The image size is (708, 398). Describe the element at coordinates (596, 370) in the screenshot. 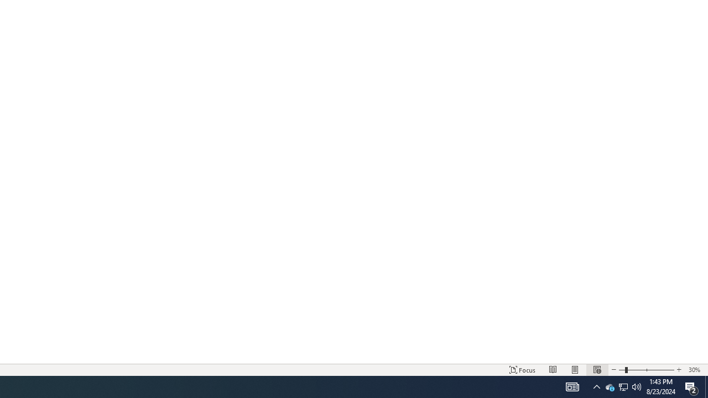

I see `'Web Layout'` at that location.